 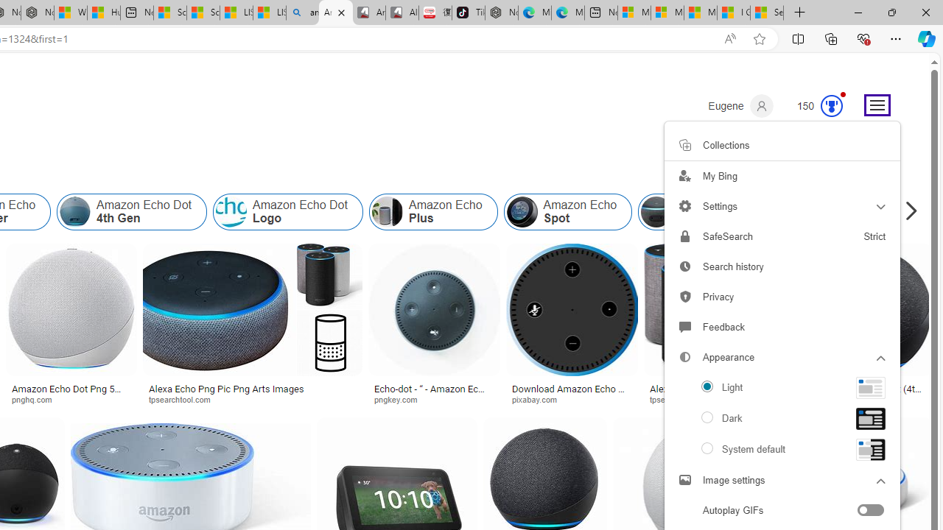 I want to click on 'Amazon Echo Dot 4th Gen', so click(x=132, y=212).